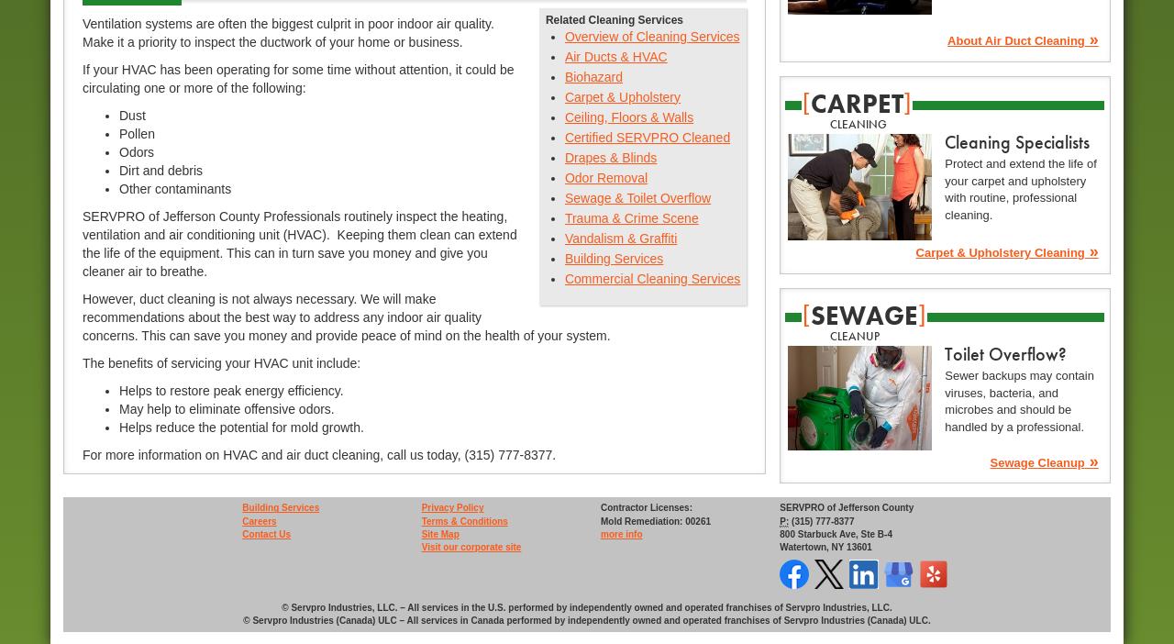  I want to click on 'May help to eliminate offensive odors.', so click(226, 406).